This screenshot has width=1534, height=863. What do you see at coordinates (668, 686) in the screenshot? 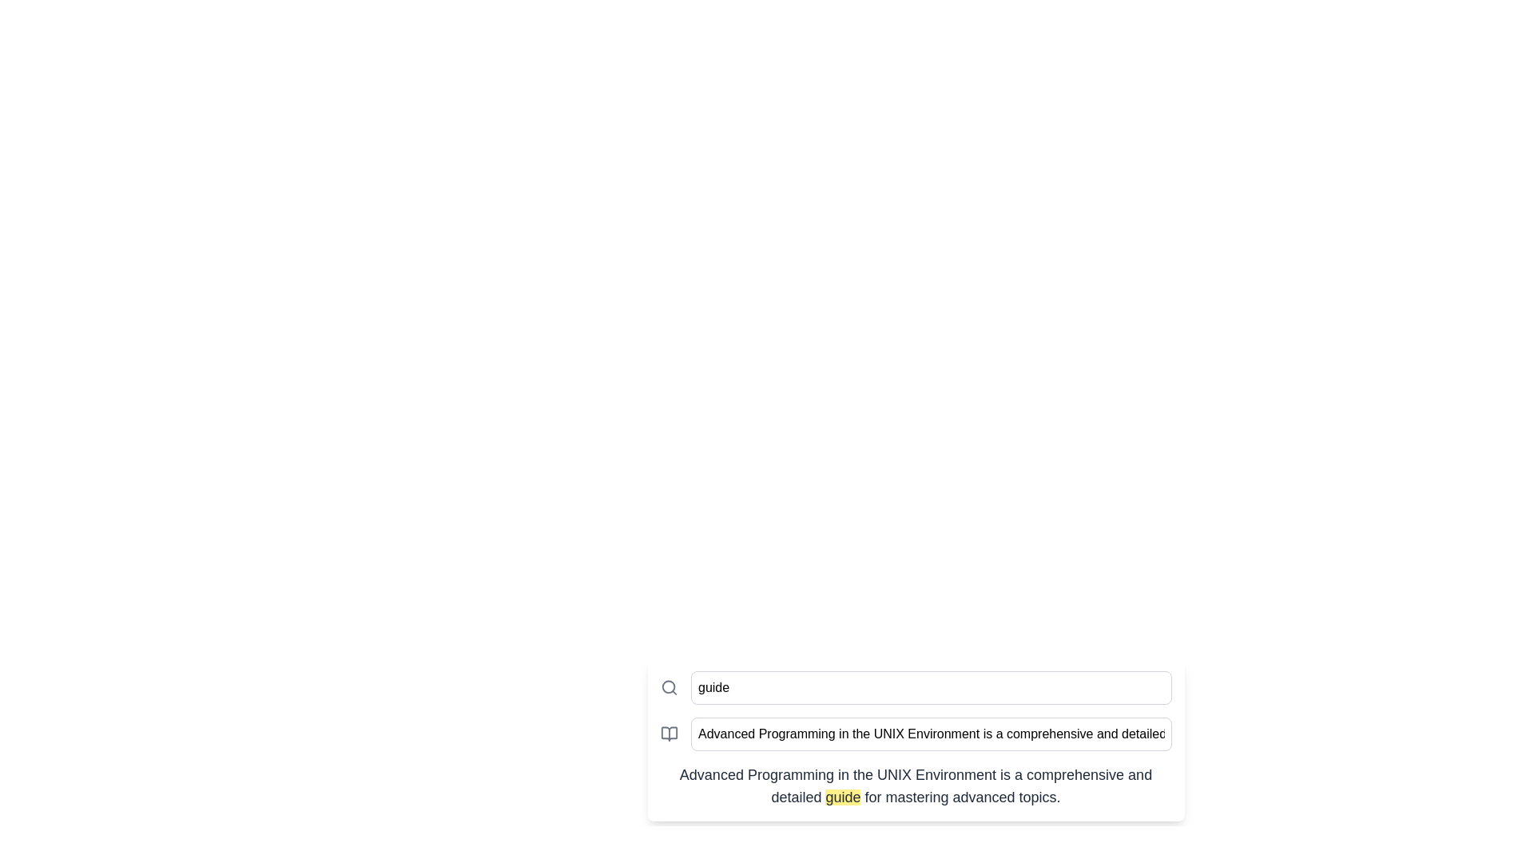
I see `the circular part of the magnifying glass icon, which serves as a visual indicator for initiating a search operation` at bounding box center [668, 686].